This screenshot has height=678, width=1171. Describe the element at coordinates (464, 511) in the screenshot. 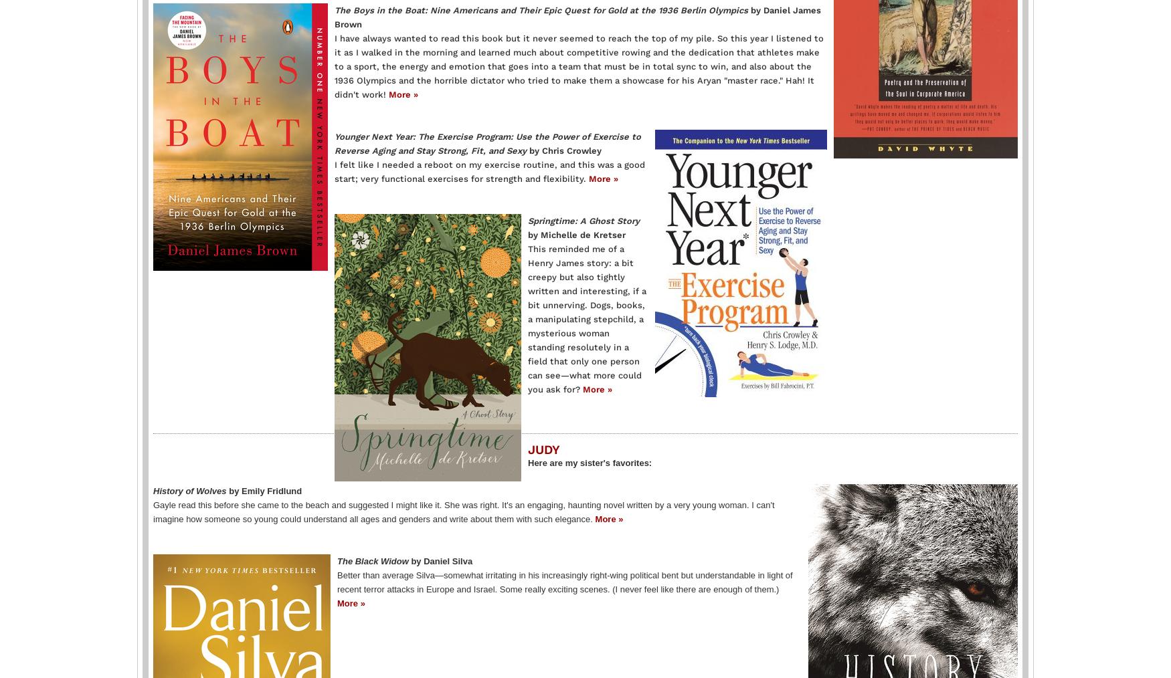

I see `'Gayle read this before she came to the beach and suggested I might like it. She was right. It's an engaging, haunting novel written by a very young woman. I can't imagine how someone so young could understand all ages and genders and write about them with such elegance.'` at that location.